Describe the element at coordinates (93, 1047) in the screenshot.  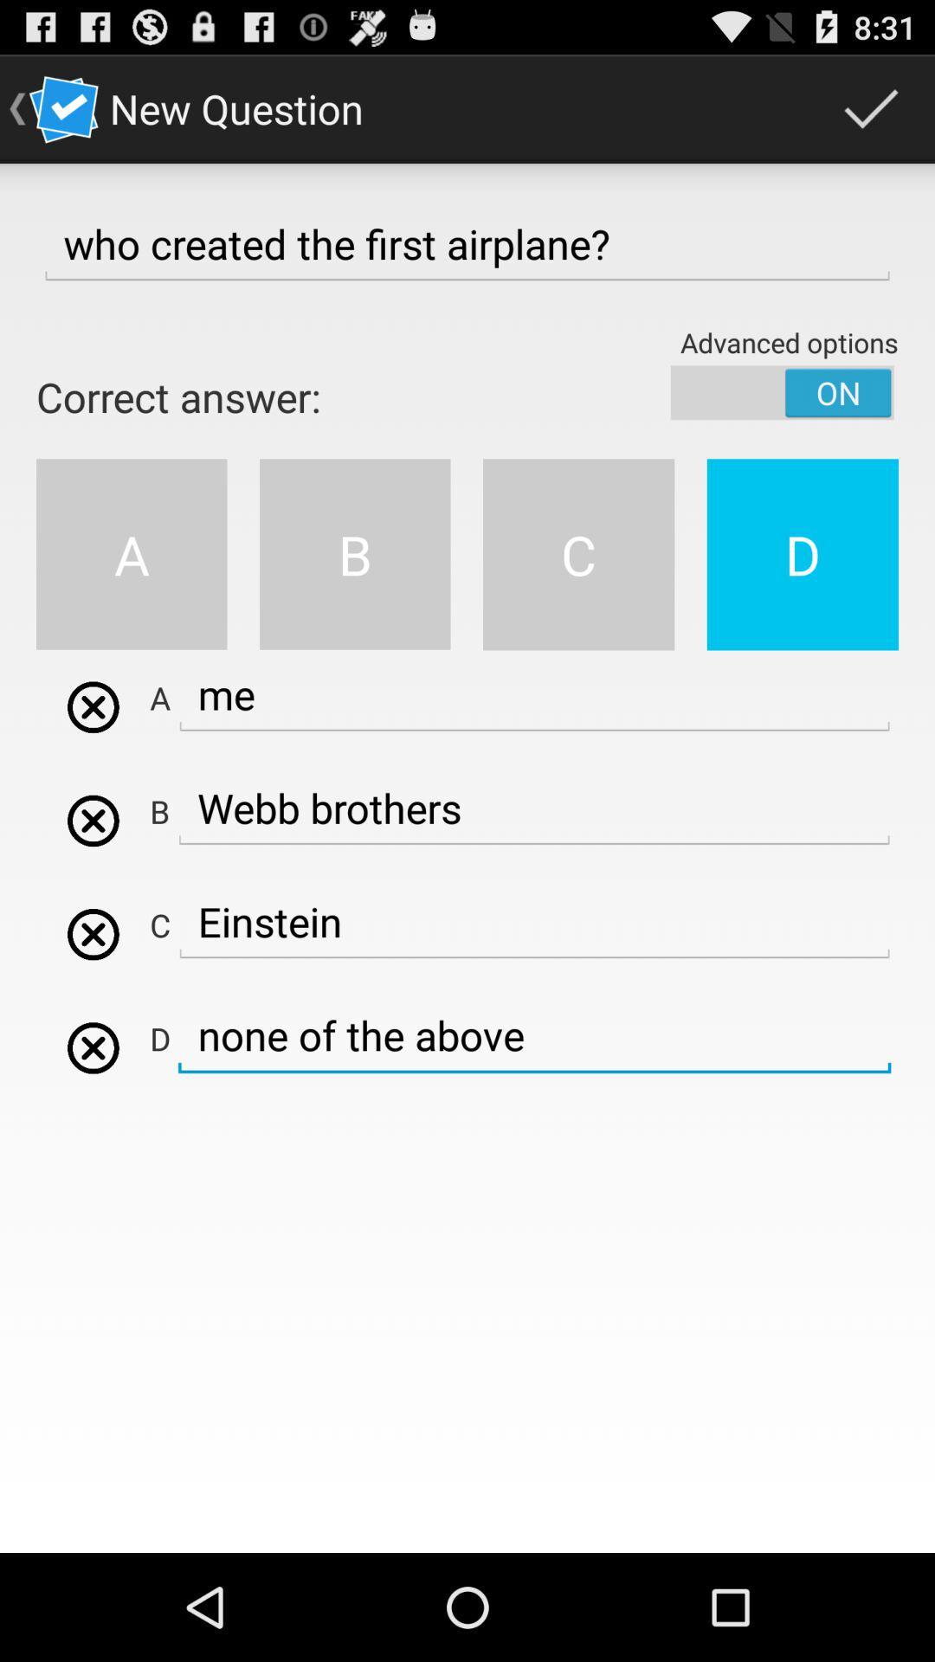
I see `button` at that location.